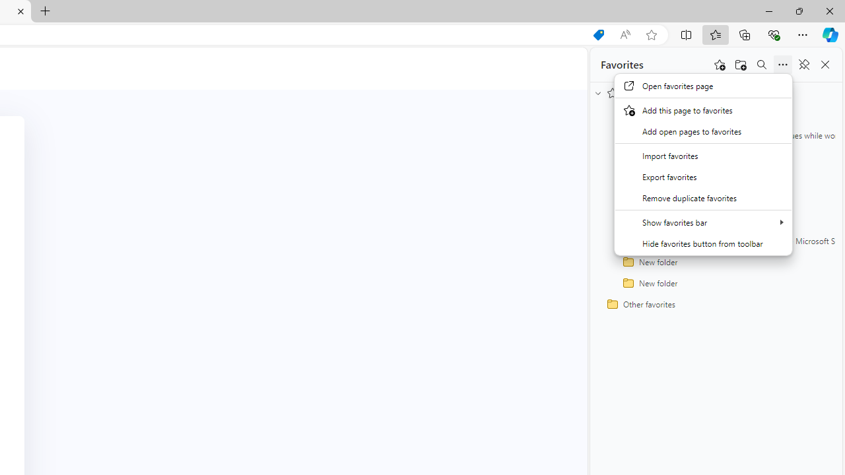 The image size is (845, 475). What do you see at coordinates (741, 65) in the screenshot?
I see `'Add folder'` at bounding box center [741, 65].